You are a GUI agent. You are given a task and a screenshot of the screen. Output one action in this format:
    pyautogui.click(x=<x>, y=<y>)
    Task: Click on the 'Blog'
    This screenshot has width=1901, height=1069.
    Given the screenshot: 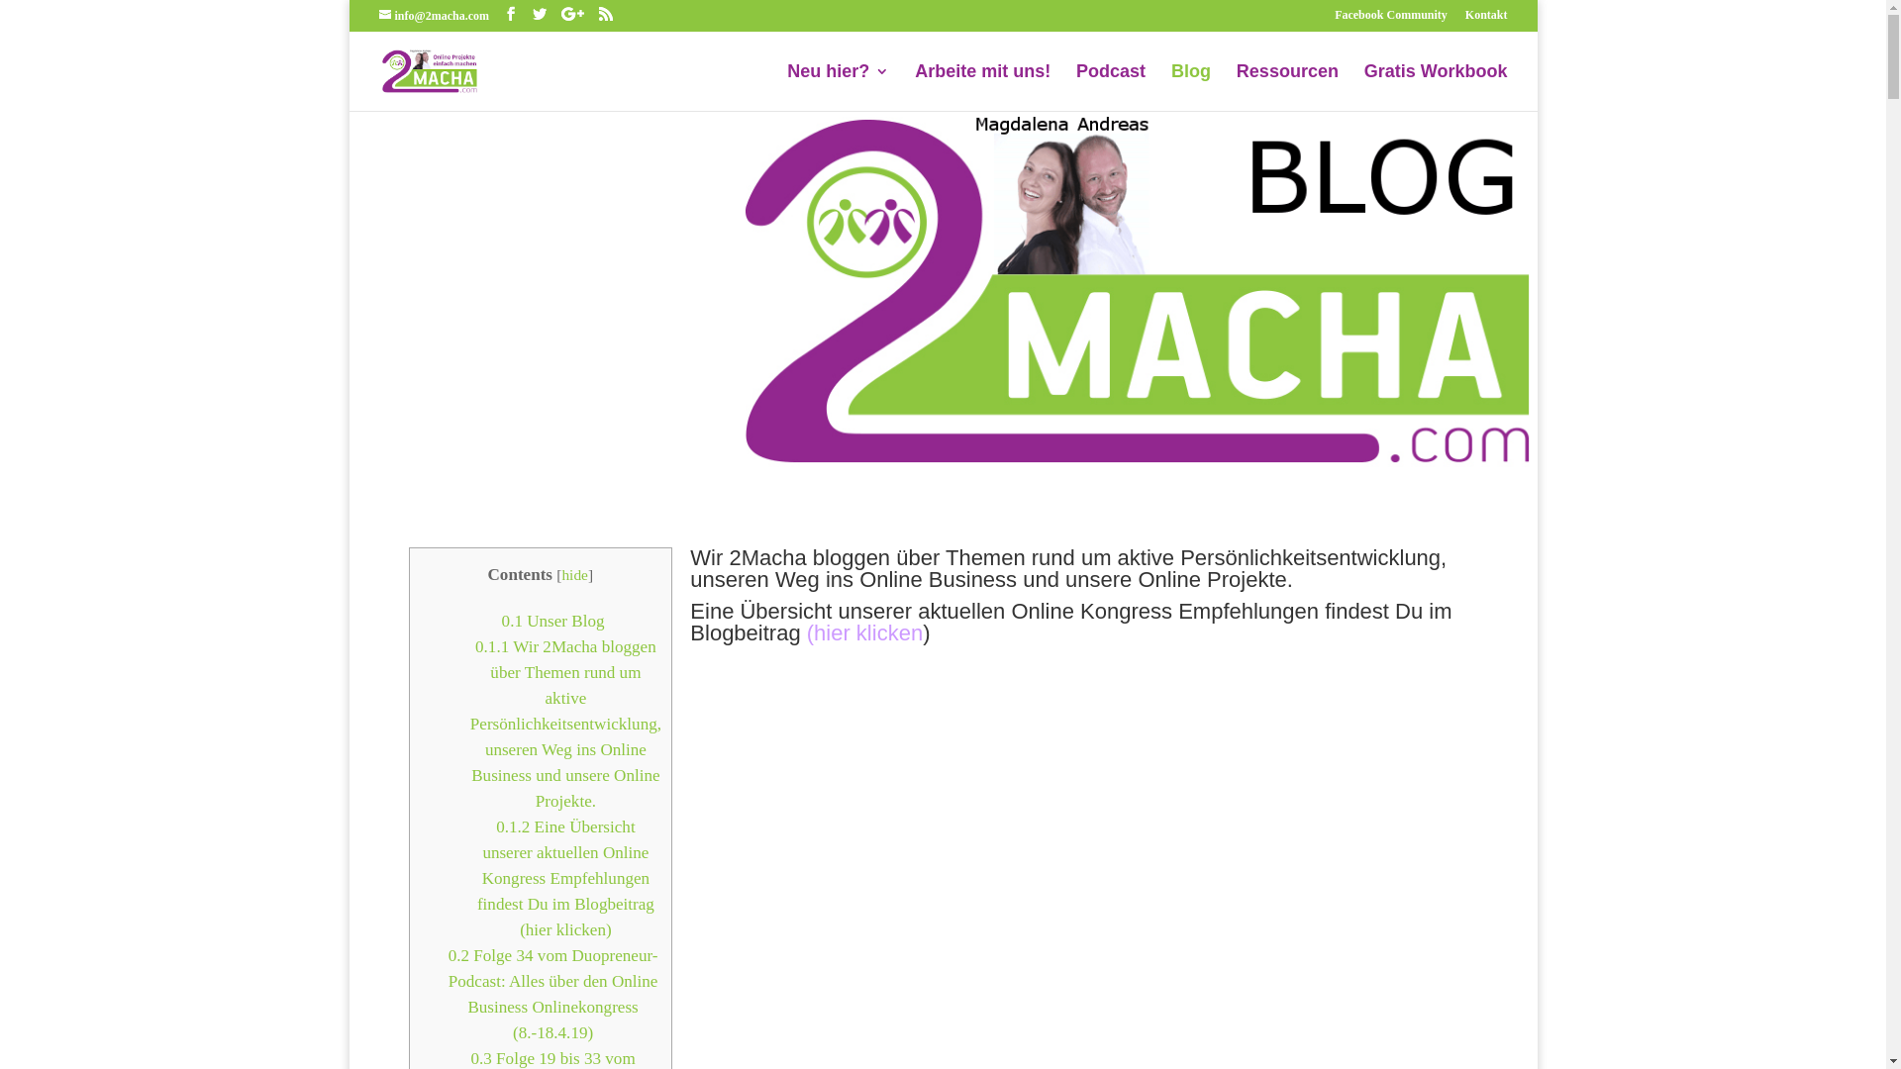 What is the action you would take?
    pyautogui.click(x=1190, y=86)
    